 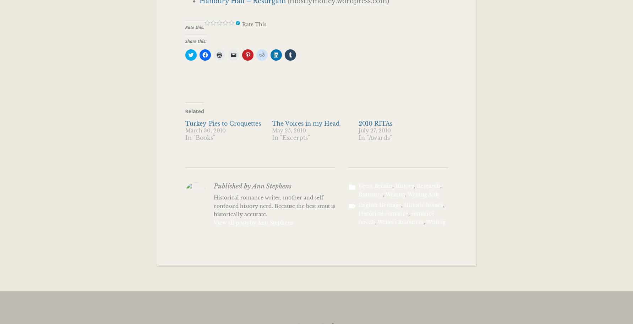 I want to click on 'View all posts by Ann Stephens', so click(x=253, y=222).